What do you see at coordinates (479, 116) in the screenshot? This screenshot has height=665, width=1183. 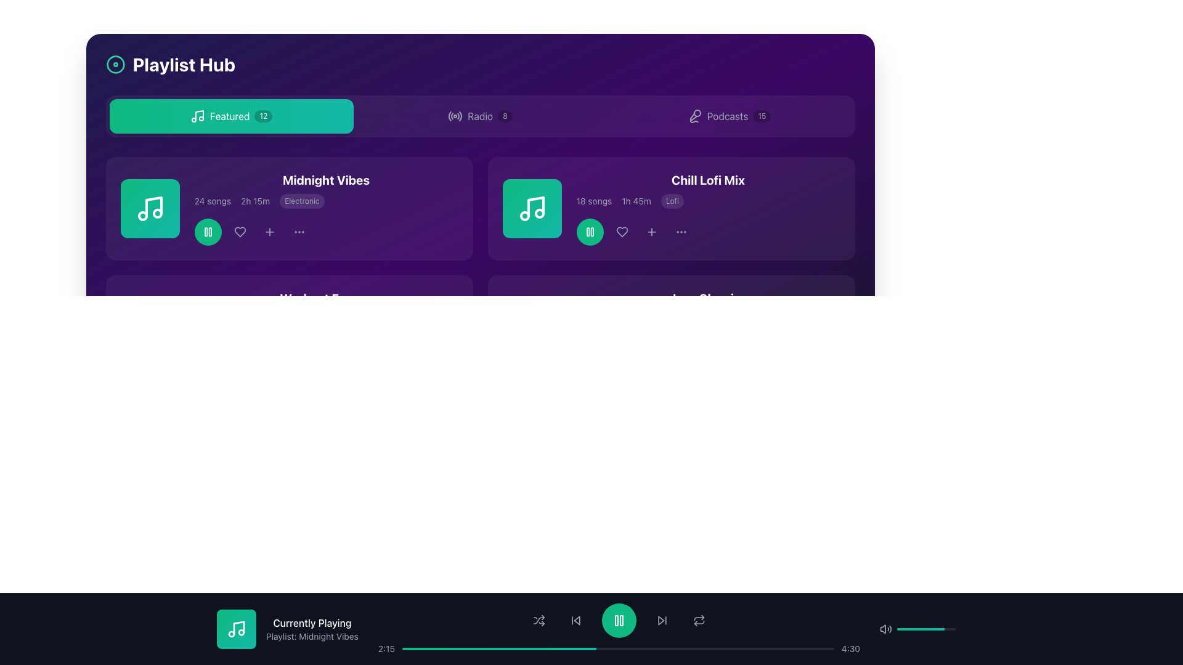 I see `the 'Radio' navigation option in the top bar for accessibility navigation` at bounding box center [479, 116].